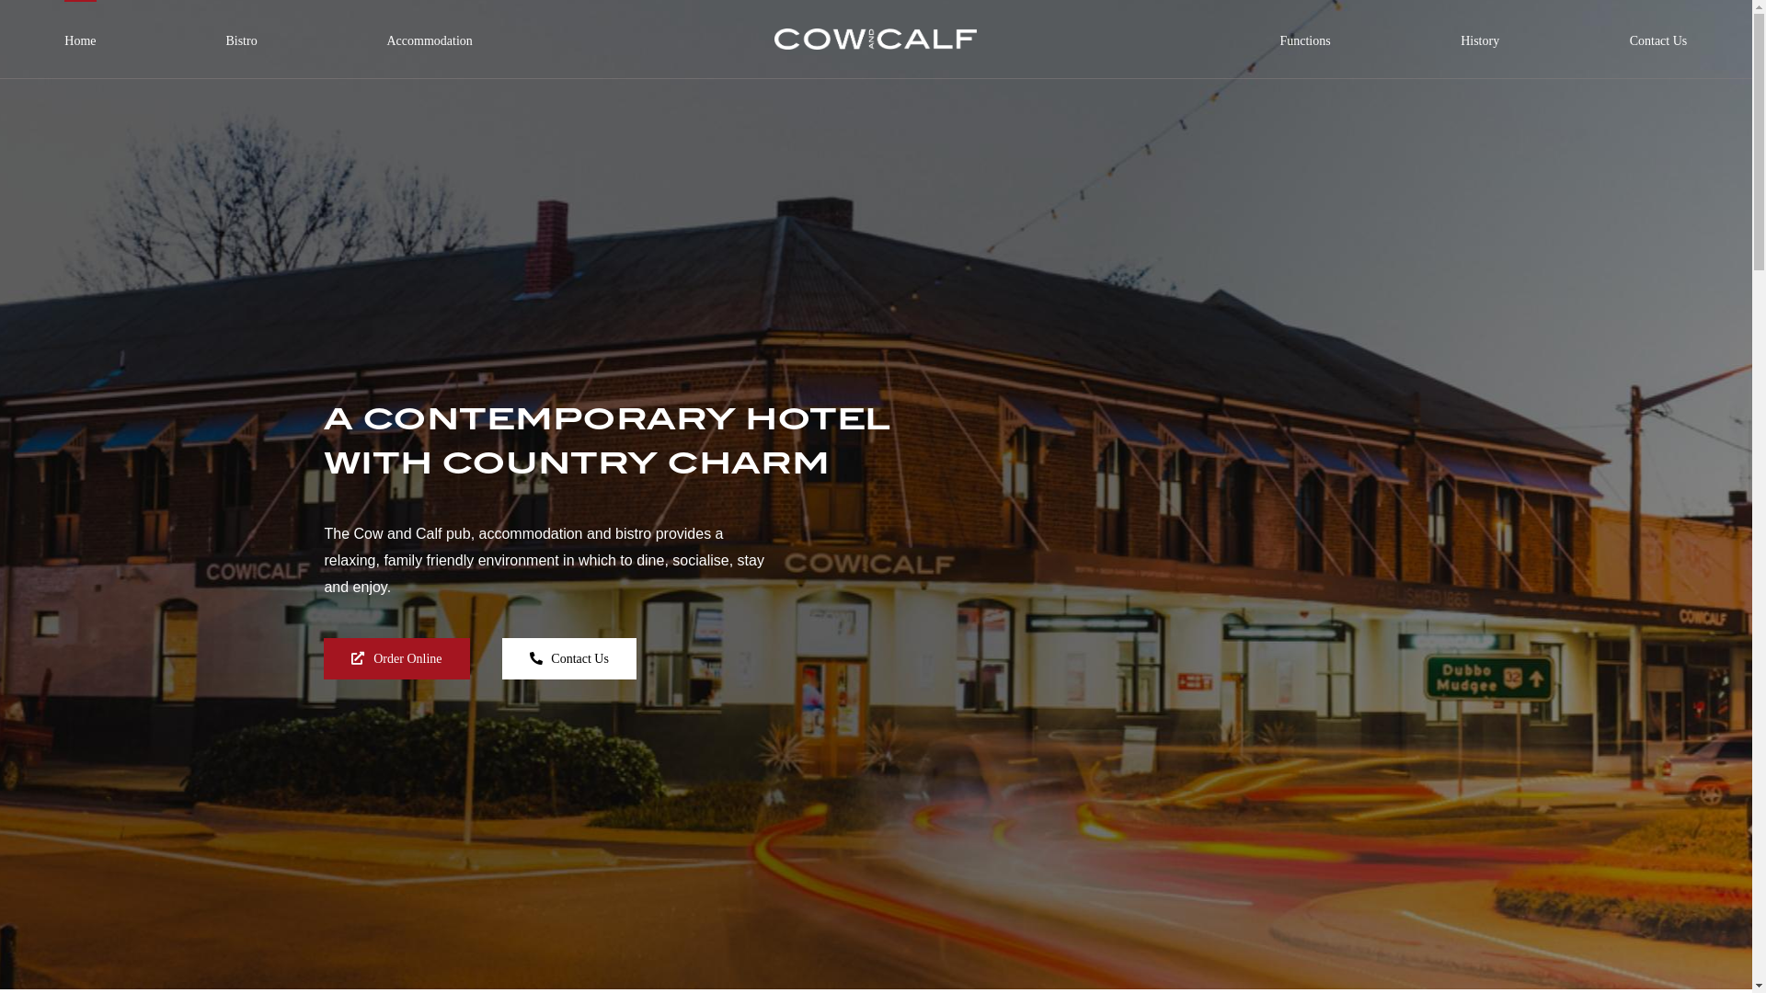 The height and width of the screenshot is (993, 1766). Describe the element at coordinates (428, 26) in the screenshot. I see `'Accommodation'` at that location.